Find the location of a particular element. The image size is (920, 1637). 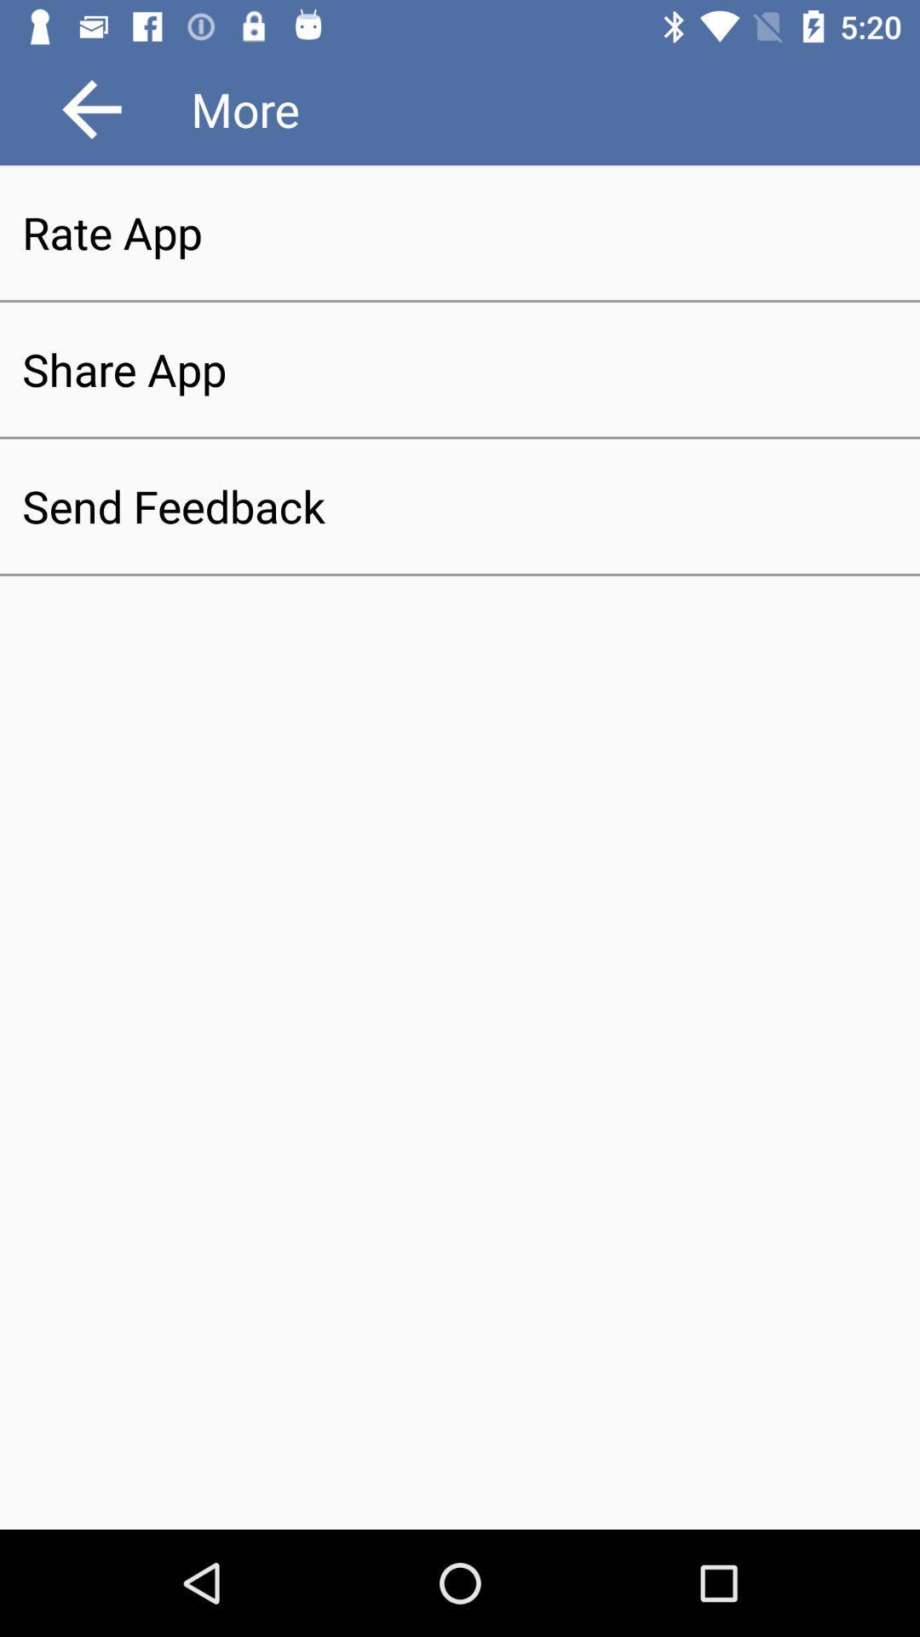

app next to the more item is located at coordinates (92, 108).